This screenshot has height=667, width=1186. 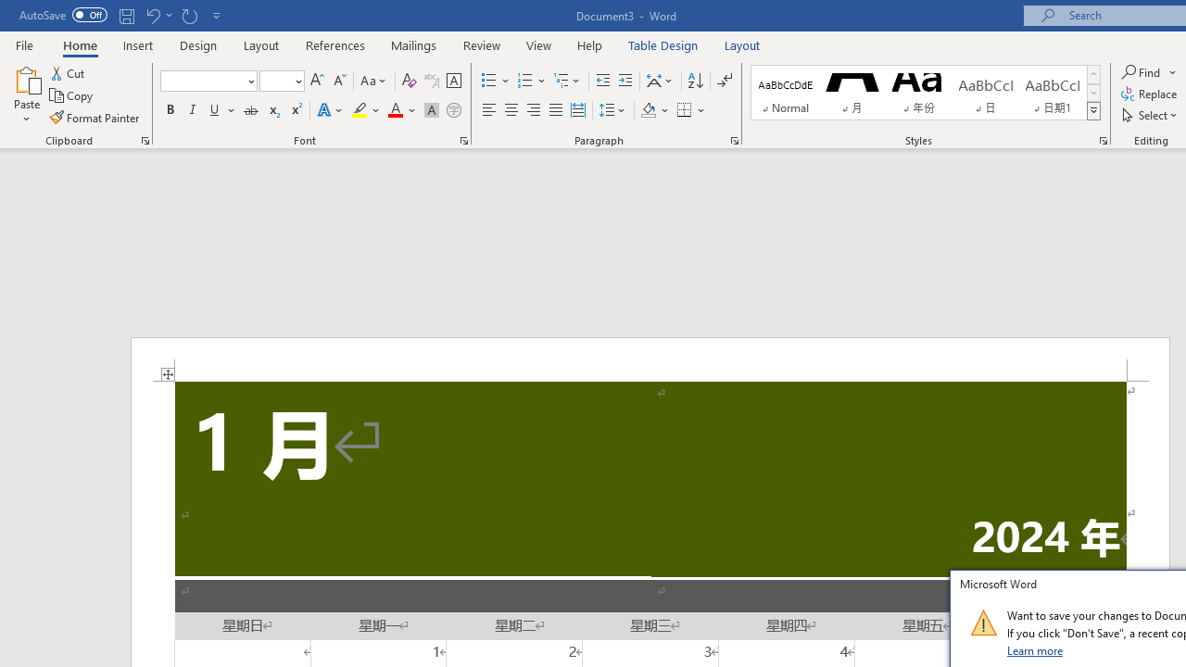 I want to click on 'Superscript', so click(x=295, y=110).